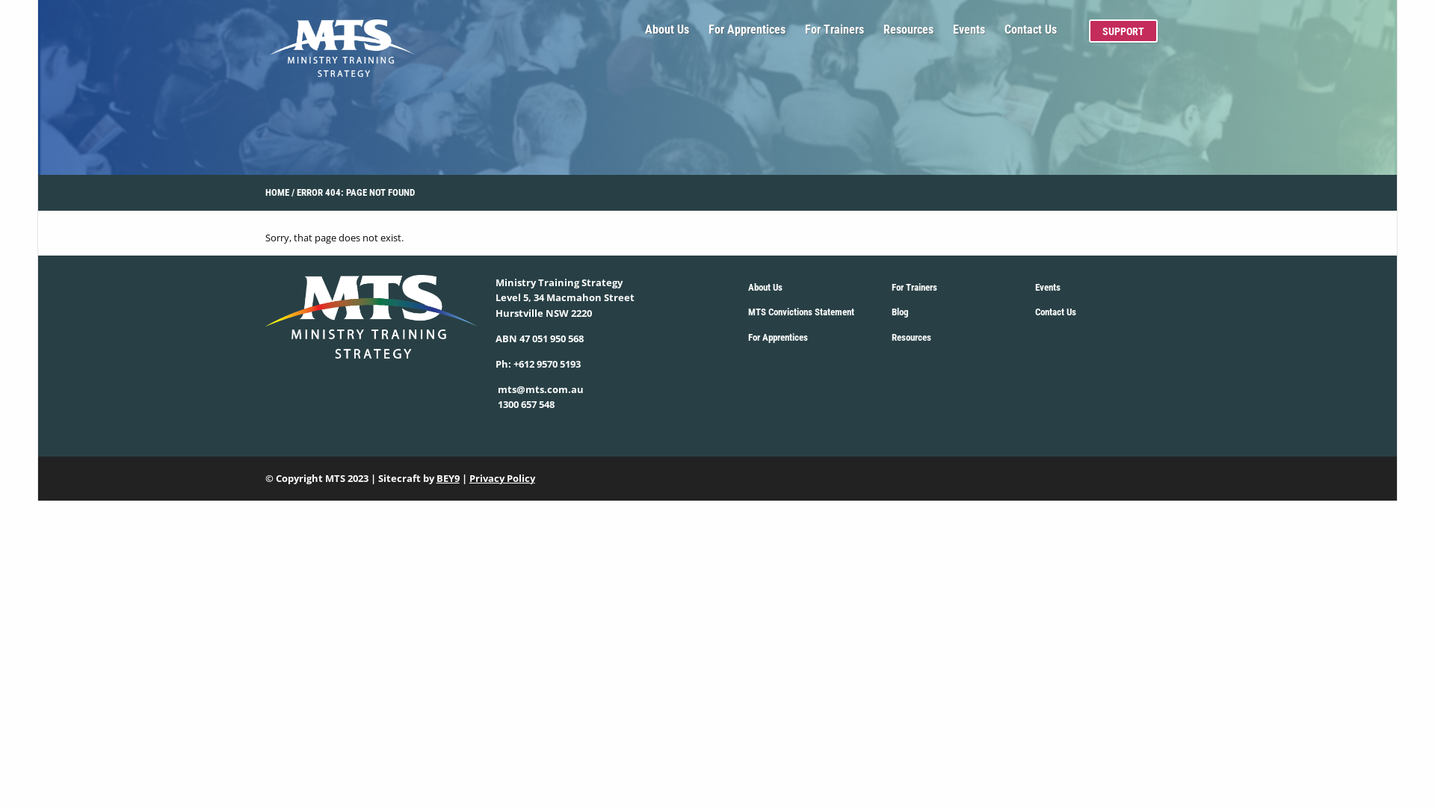 The image size is (1435, 807). Describe the element at coordinates (765, 288) in the screenshot. I see `'About Us'` at that location.